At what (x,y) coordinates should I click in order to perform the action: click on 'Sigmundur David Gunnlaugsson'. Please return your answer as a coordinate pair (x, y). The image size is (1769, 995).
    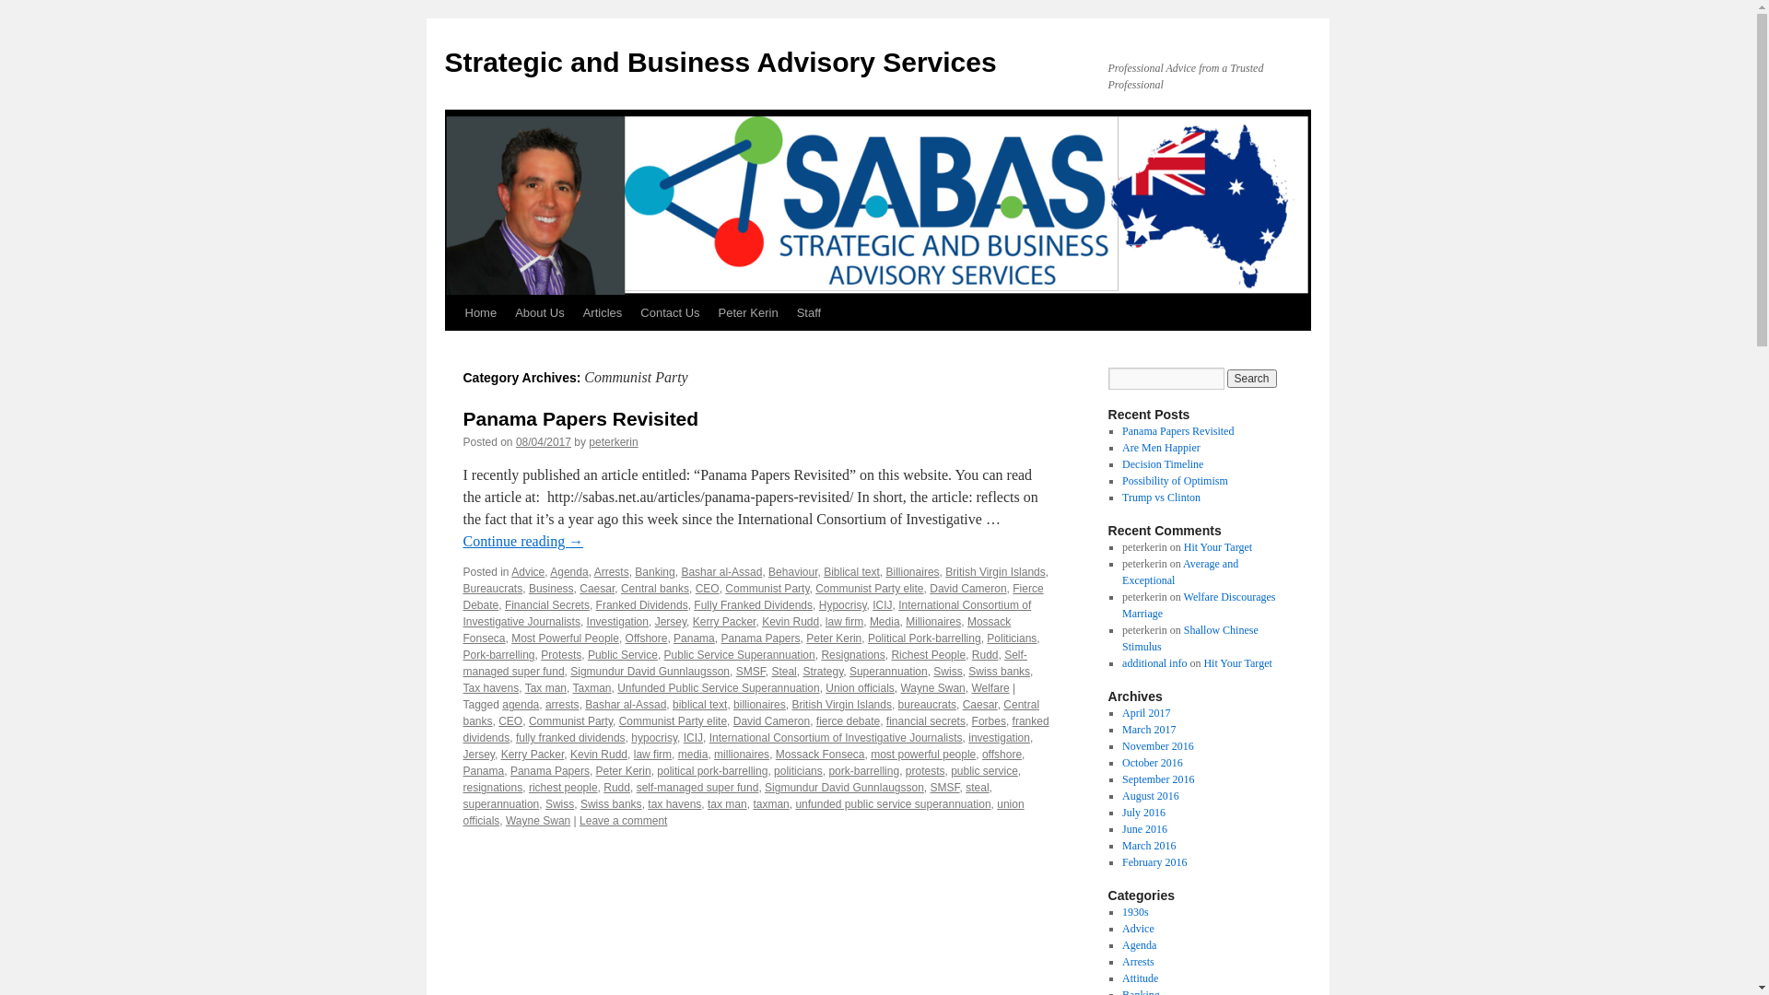
    Looking at the image, I should click on (843, 788).